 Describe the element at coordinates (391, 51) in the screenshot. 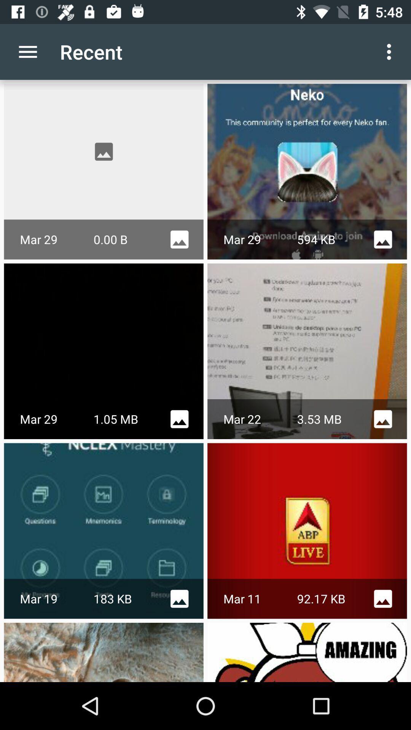

I see `the item to the right of recent item` at that location.